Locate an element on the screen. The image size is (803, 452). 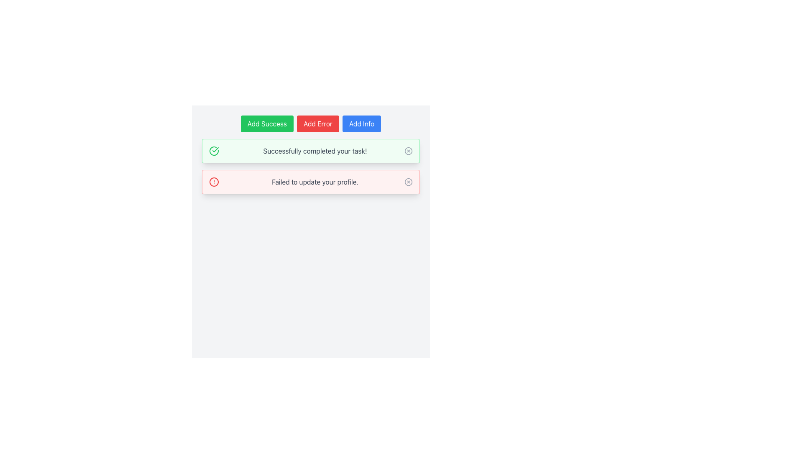
the third button from the left in a horizontal alignment with 'Add Success' in green and 'Add Error' in red is located at coordinates (361, 124).